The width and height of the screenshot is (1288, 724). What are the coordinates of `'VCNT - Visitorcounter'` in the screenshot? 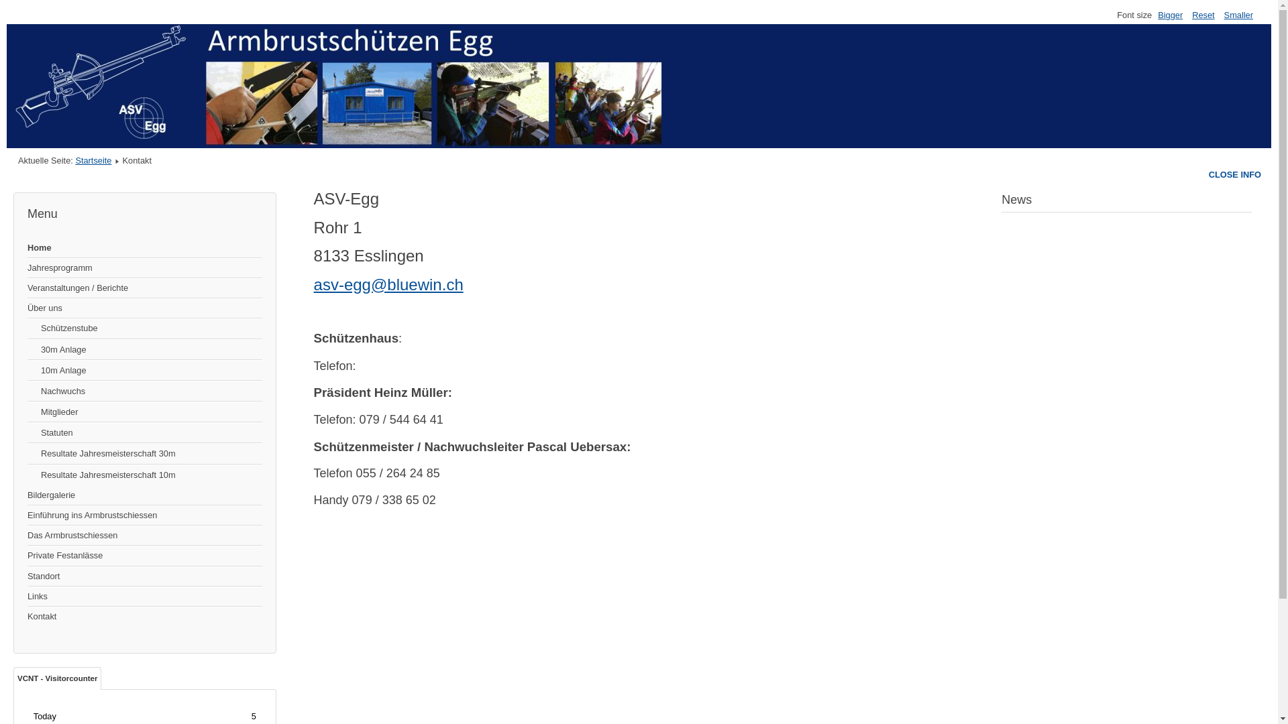 It's located at (56, 678).